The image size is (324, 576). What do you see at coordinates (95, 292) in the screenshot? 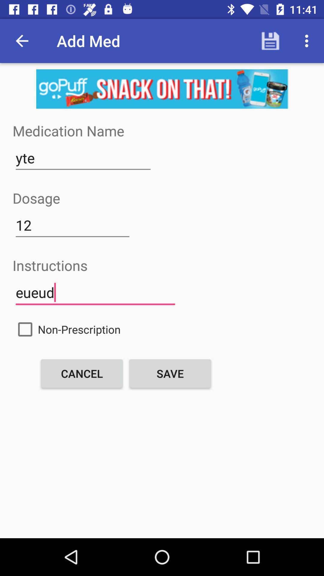
I see `the text area which says instructions` at bounding box center [95, 292].